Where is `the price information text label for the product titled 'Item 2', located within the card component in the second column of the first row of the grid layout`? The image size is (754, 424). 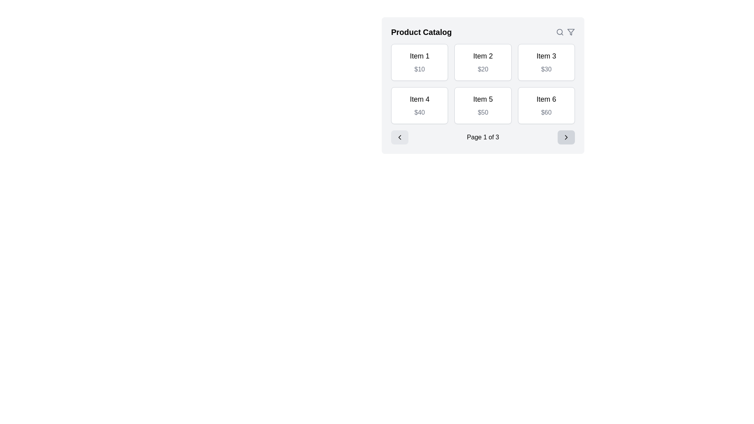 the price information text label for the product titled 'Item 2', located within the card component in the second column of the first row of the grid layout is located at coordinates (482, 69).